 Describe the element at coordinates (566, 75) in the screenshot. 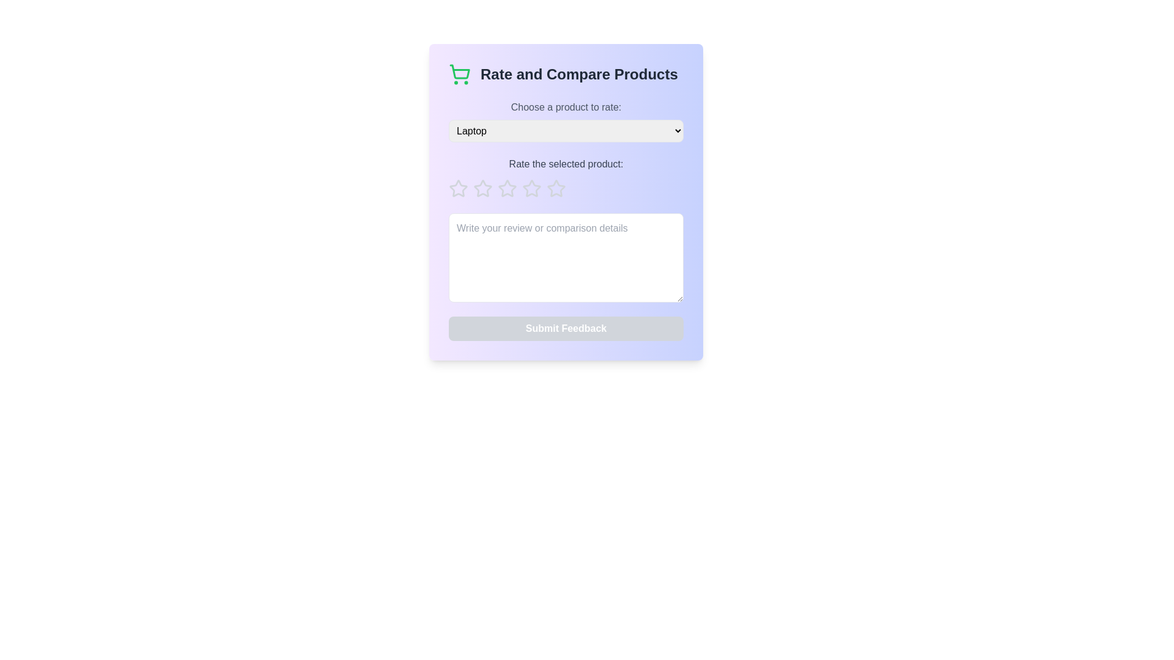

I see `the Header with an Icon that serves as a title and visual indicator for rating and comparing products, located at the top of its card-like section` at that location.